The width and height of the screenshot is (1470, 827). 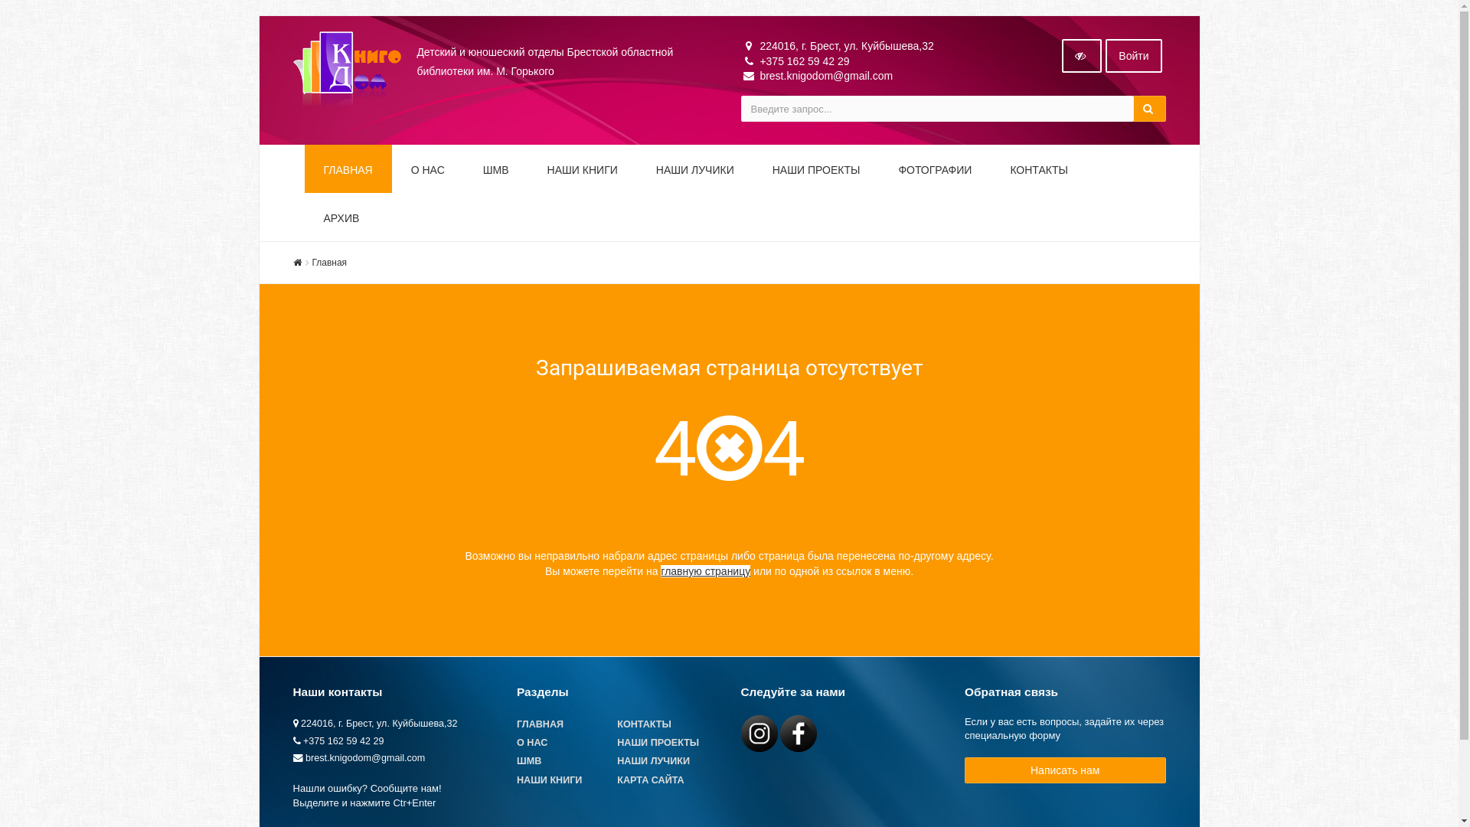 What do you see at coordinates (759, 732) in the screenshot?
I see `'Instagram'` at bounding box center [759, 732].